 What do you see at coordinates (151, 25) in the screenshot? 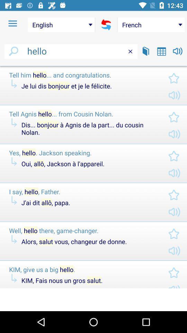
I see `the french` at bounding box center [151, 25].